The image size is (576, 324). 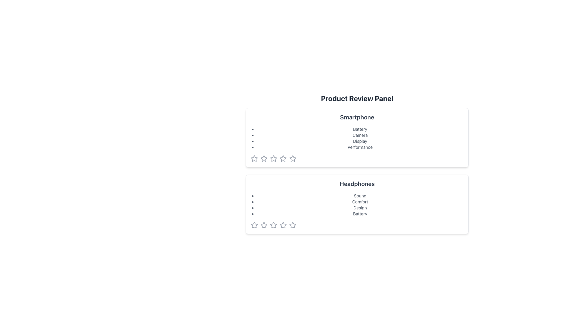 What do you see at coordinates (254, 225) in the screenshot?
I see `the leftmost star icon in the rating system` at bounding box center [254, 225].